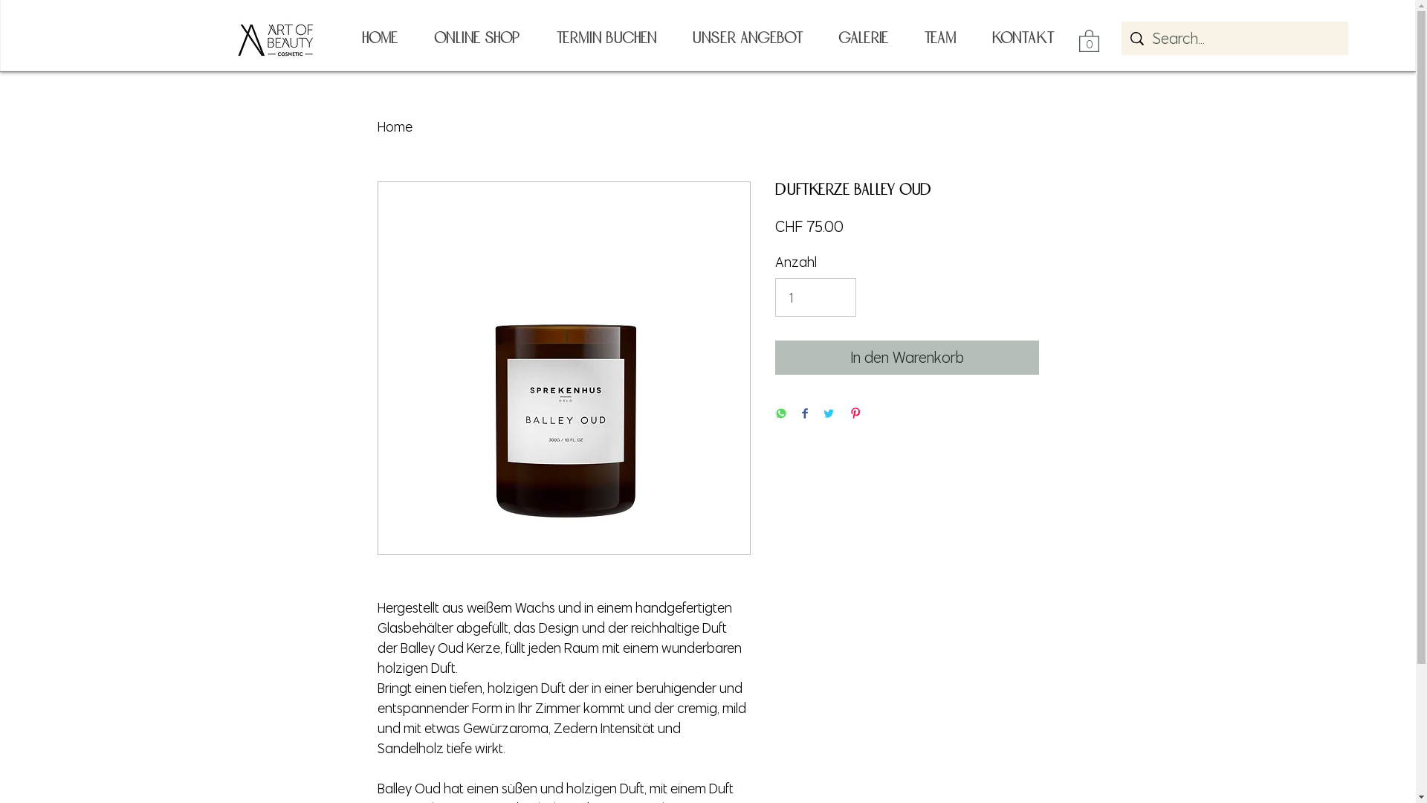 The height and width of the screenshot is (803, 1427). Describe the element at coordinates (474, 37) in the screenshot. I see `'ONLINE SHOP'` at that location.